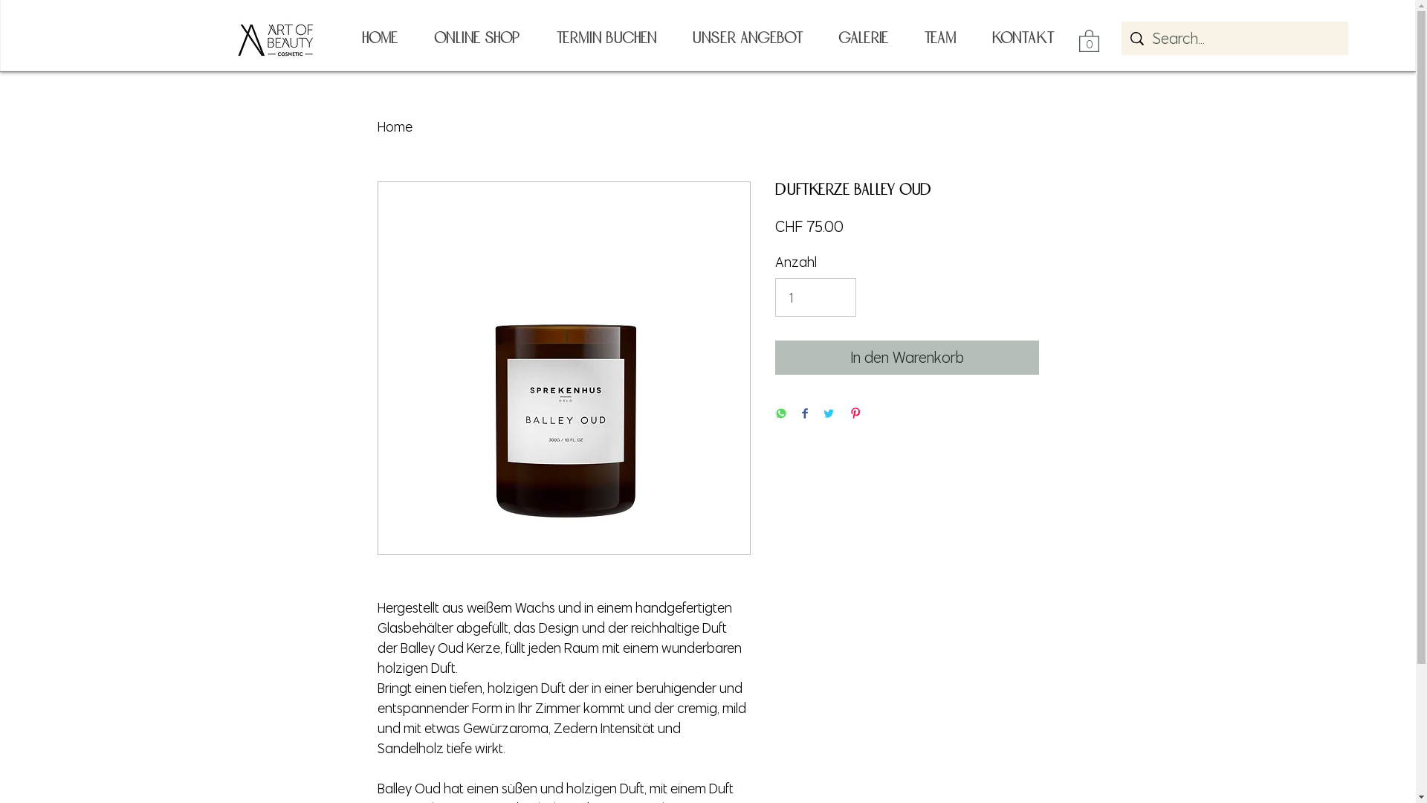 The height and width of the screenshot is (803, 1427). Describe the element at coordinates (474, 37) in the screenshot. I see `'ONLINE SHOP'` at that location.